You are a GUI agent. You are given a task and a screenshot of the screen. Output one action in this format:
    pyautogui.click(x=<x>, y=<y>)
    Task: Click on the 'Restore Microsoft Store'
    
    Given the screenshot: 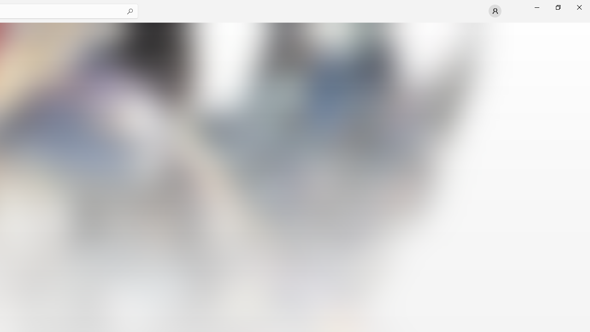 What is the action you would take?
    pyautogui.click(x=557, y=7)
    